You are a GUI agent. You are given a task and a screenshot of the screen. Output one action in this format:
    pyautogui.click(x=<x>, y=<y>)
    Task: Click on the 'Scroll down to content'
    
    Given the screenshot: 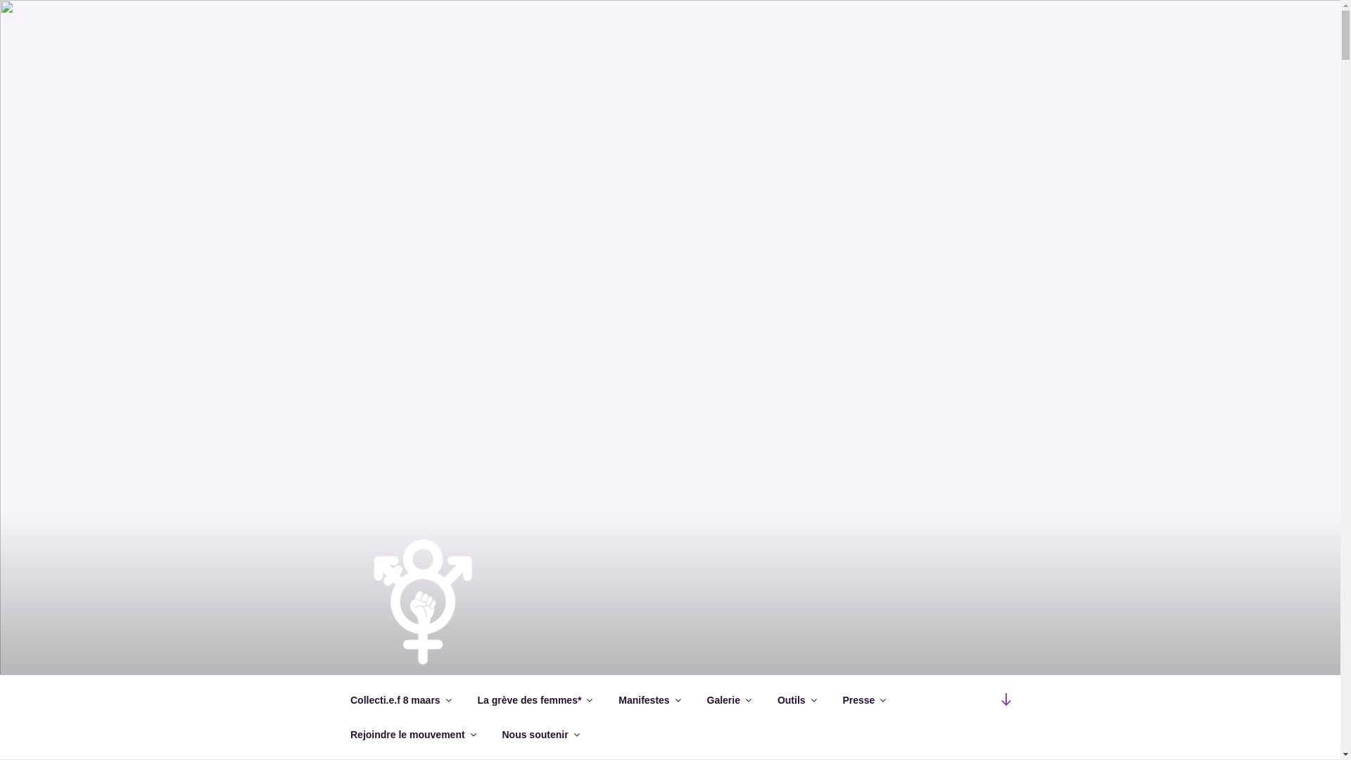 What is the action you would take?
    pyautogui.click(x=1005, y=699)
    